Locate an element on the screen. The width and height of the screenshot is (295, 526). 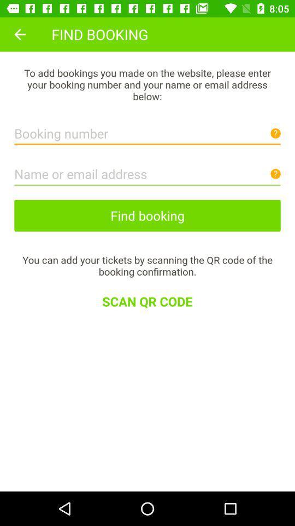
the icon to the left of the find booking item is located at coordinates (20, 34).